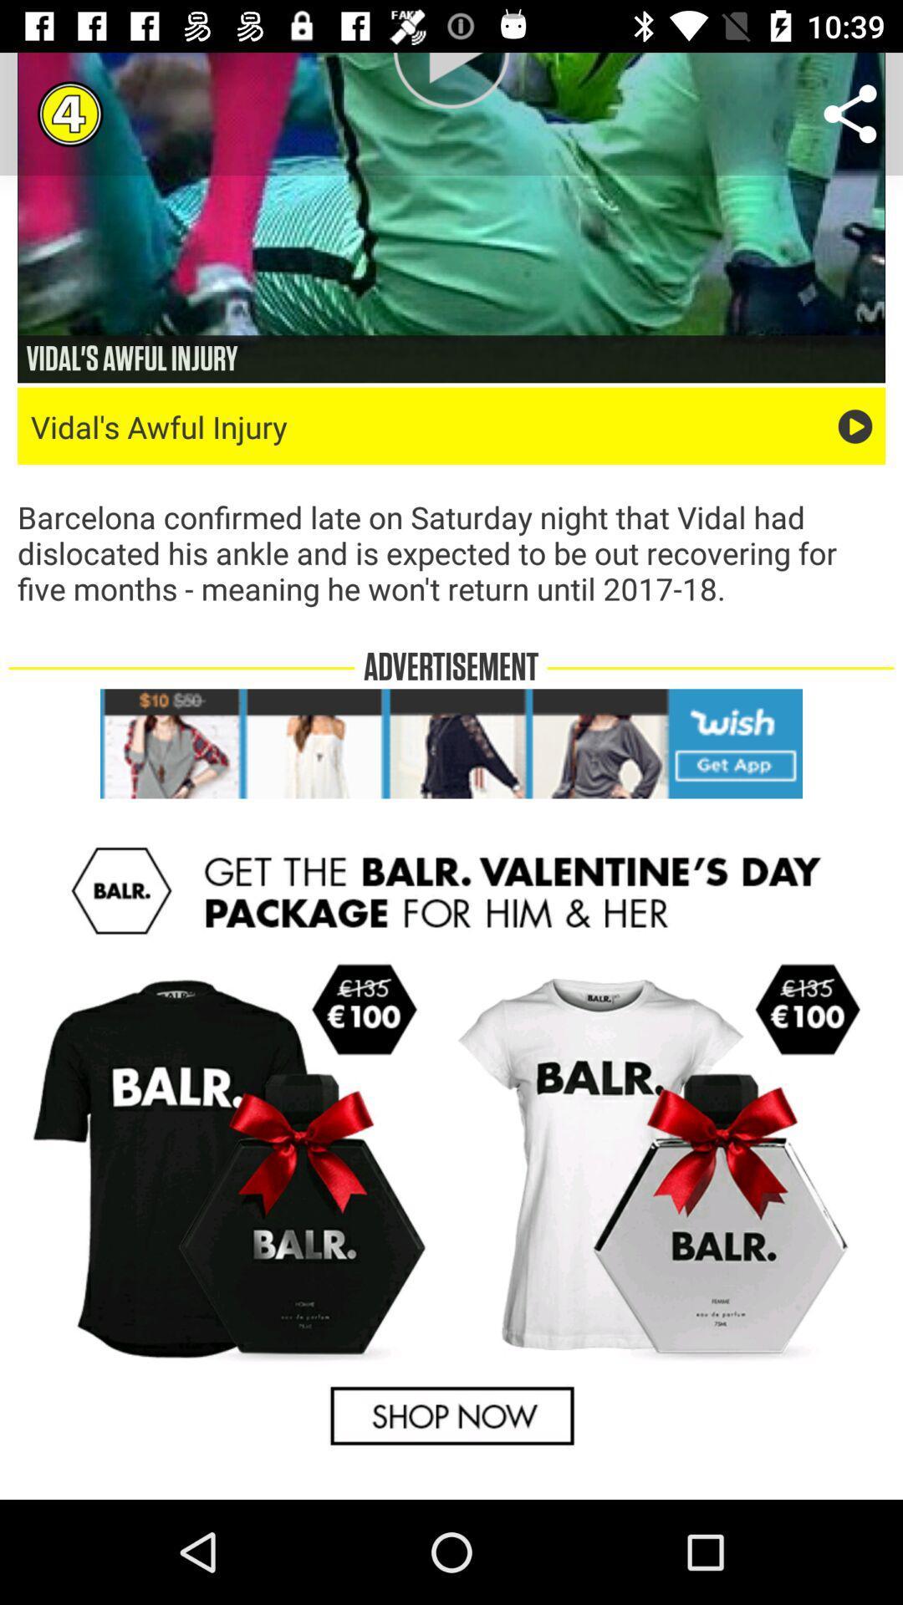  I want to click on click on the advertisement, so click(451, 742).